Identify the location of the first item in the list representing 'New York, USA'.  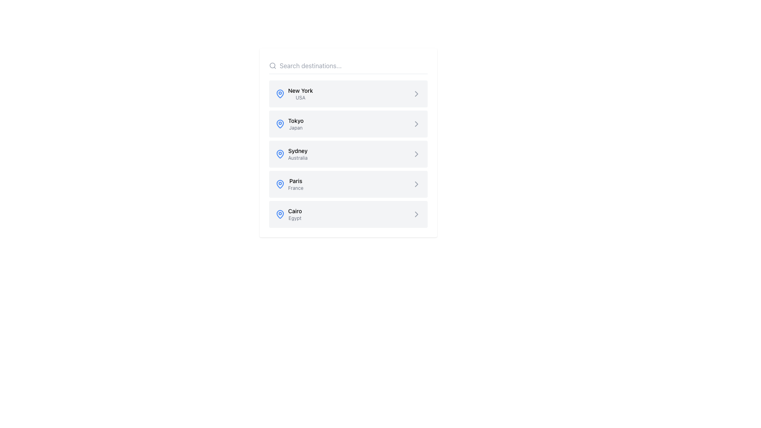
(348, 93).